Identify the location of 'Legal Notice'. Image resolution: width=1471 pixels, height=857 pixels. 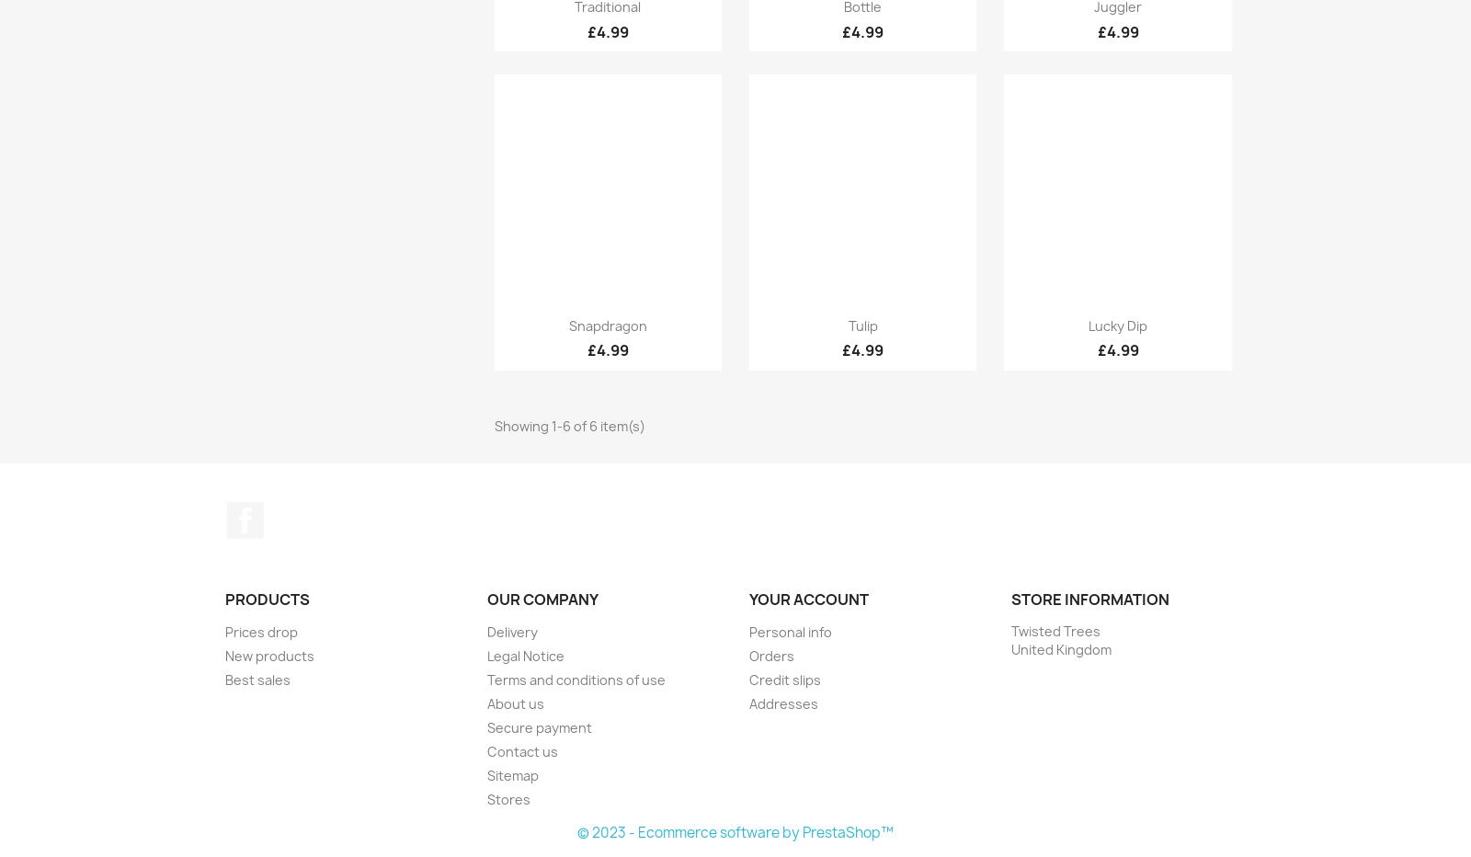
(525, 655).